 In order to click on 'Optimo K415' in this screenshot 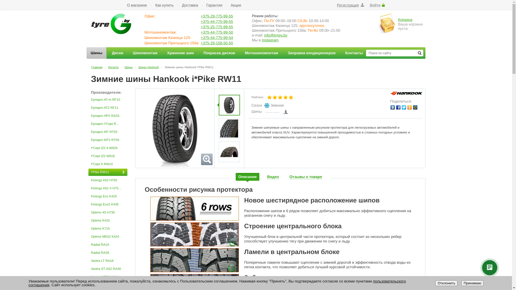, I will do `click(107, 220)`.